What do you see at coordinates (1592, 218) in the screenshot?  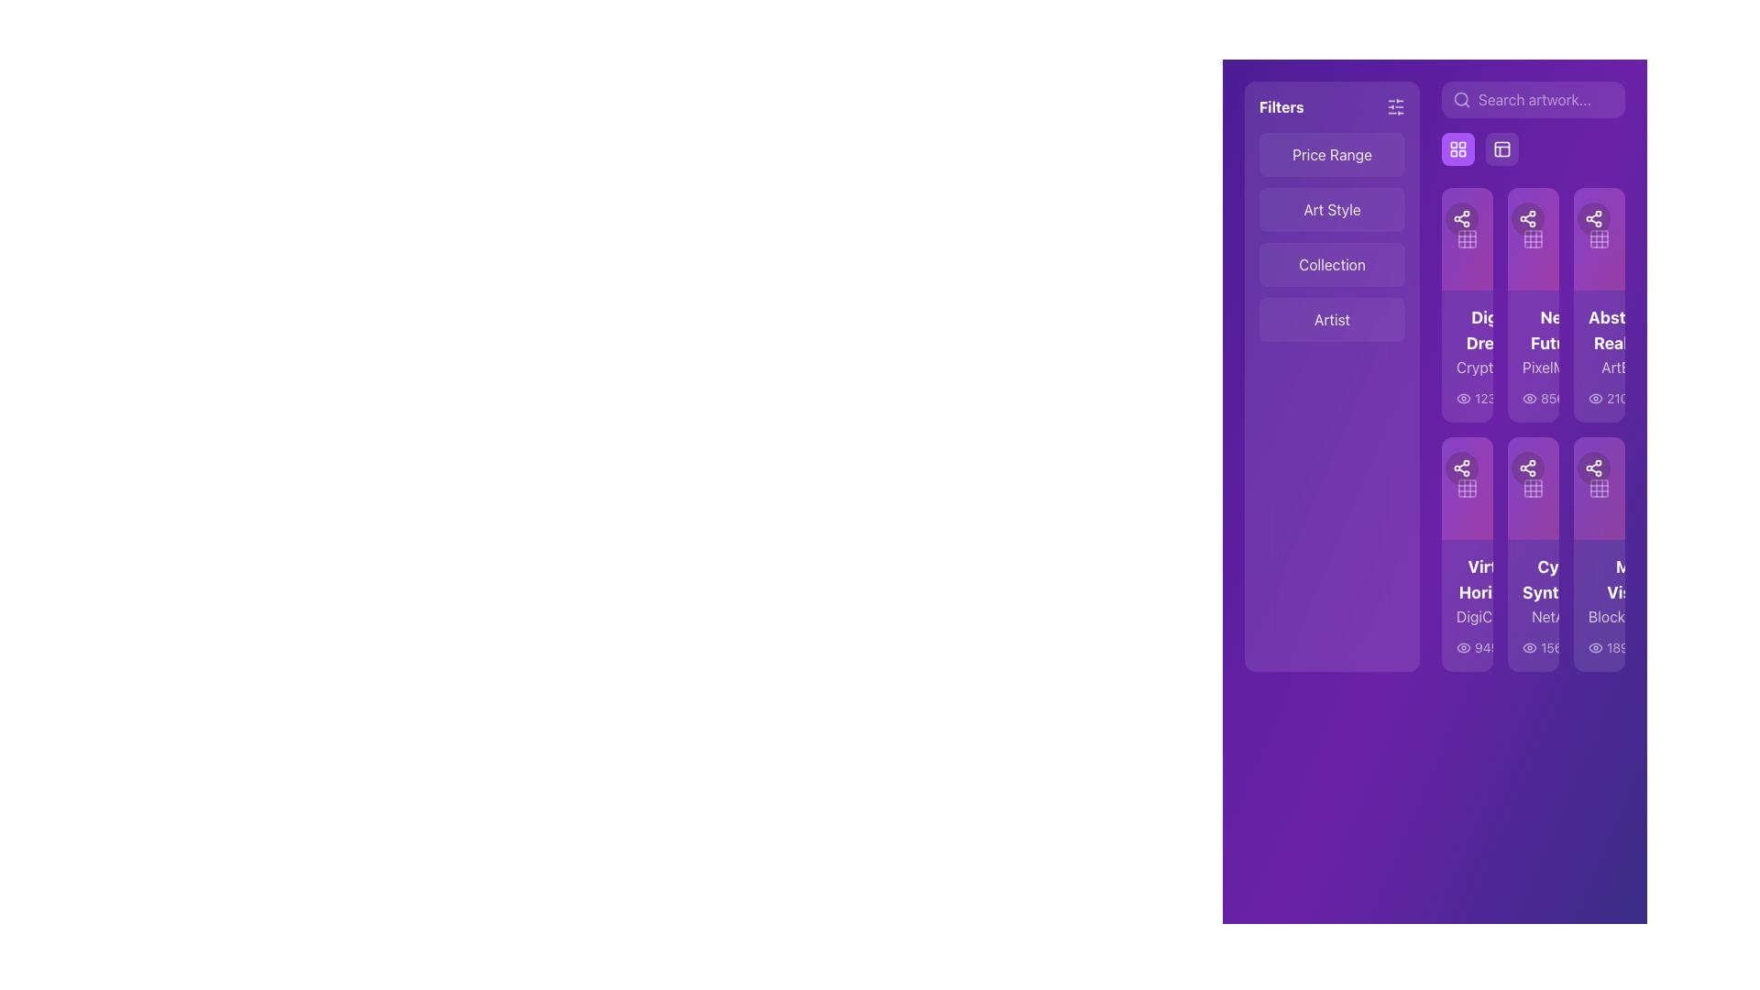 I see `the 'Share' icon button located at the center of a circular button in the right-hand section of the interface` at bounding box center [1592, 218].